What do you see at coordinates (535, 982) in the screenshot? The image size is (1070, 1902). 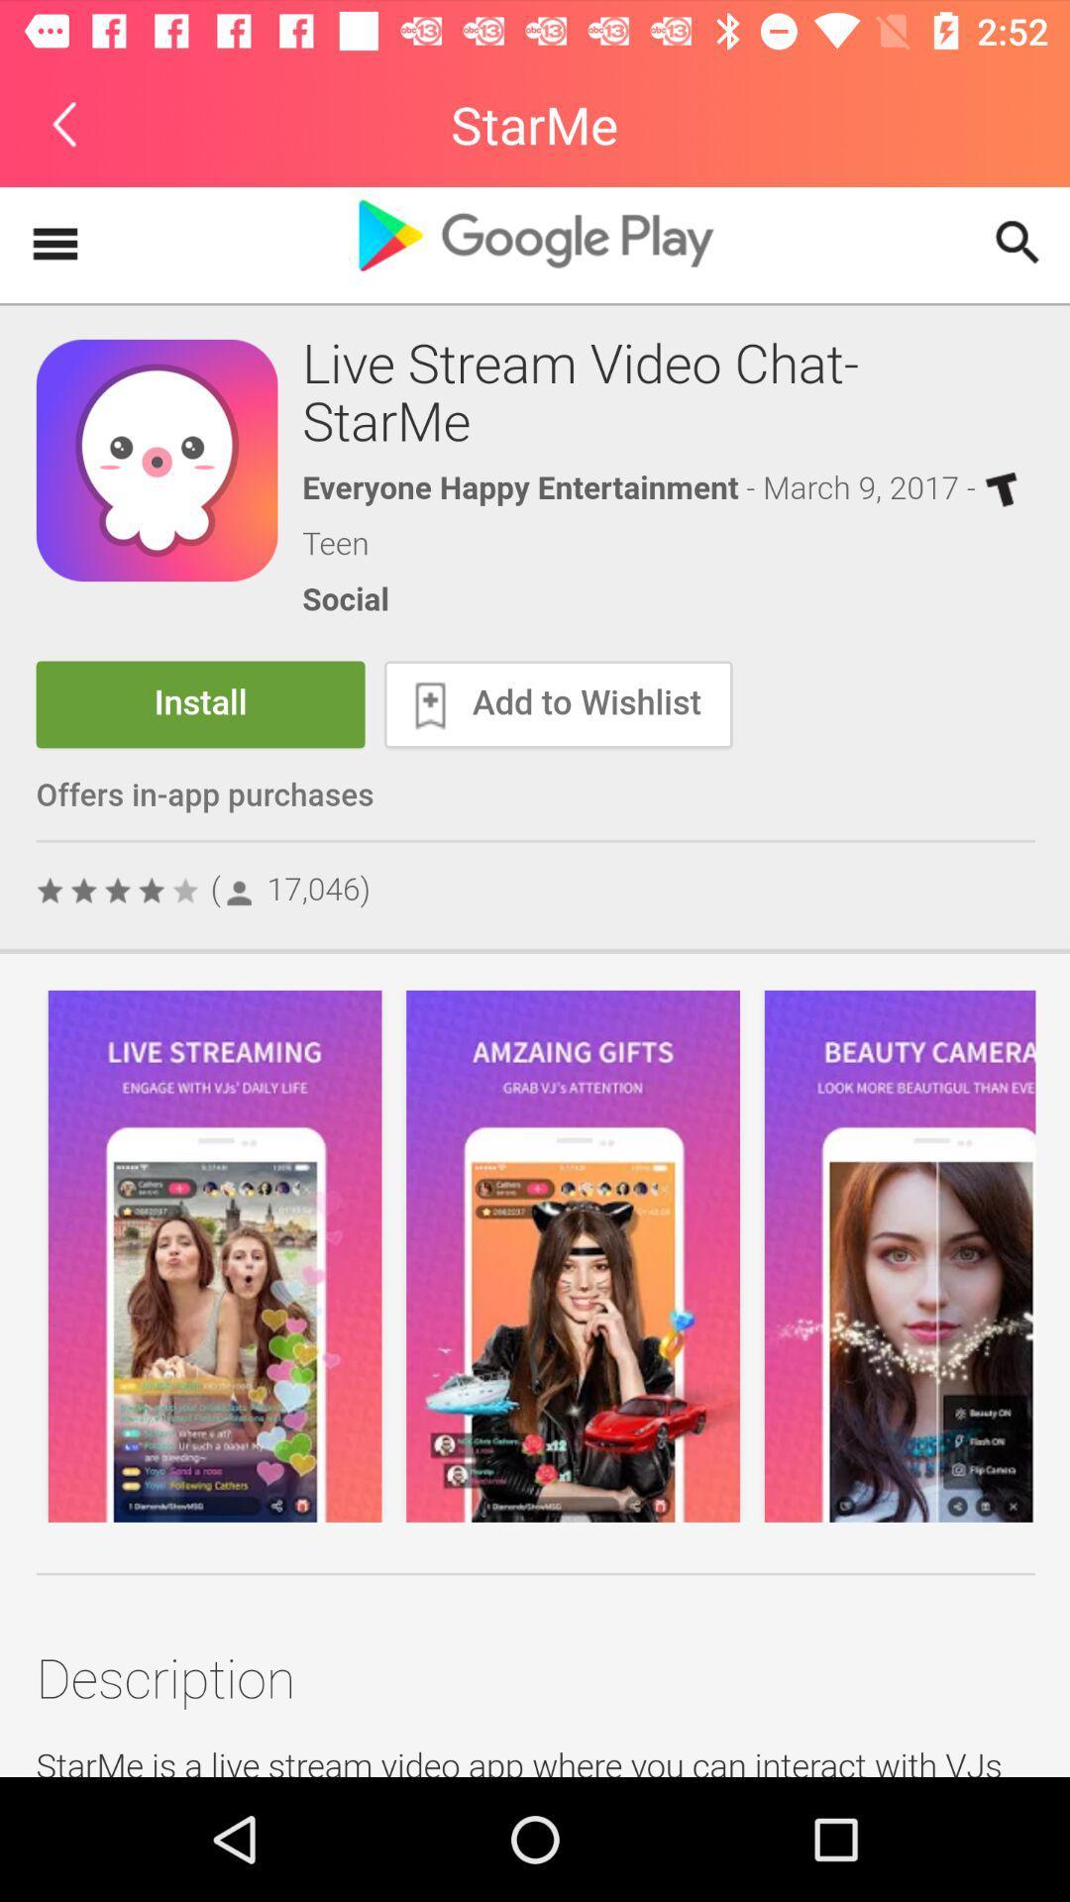 I see `scroll through text` at bounding box center [535, 982].